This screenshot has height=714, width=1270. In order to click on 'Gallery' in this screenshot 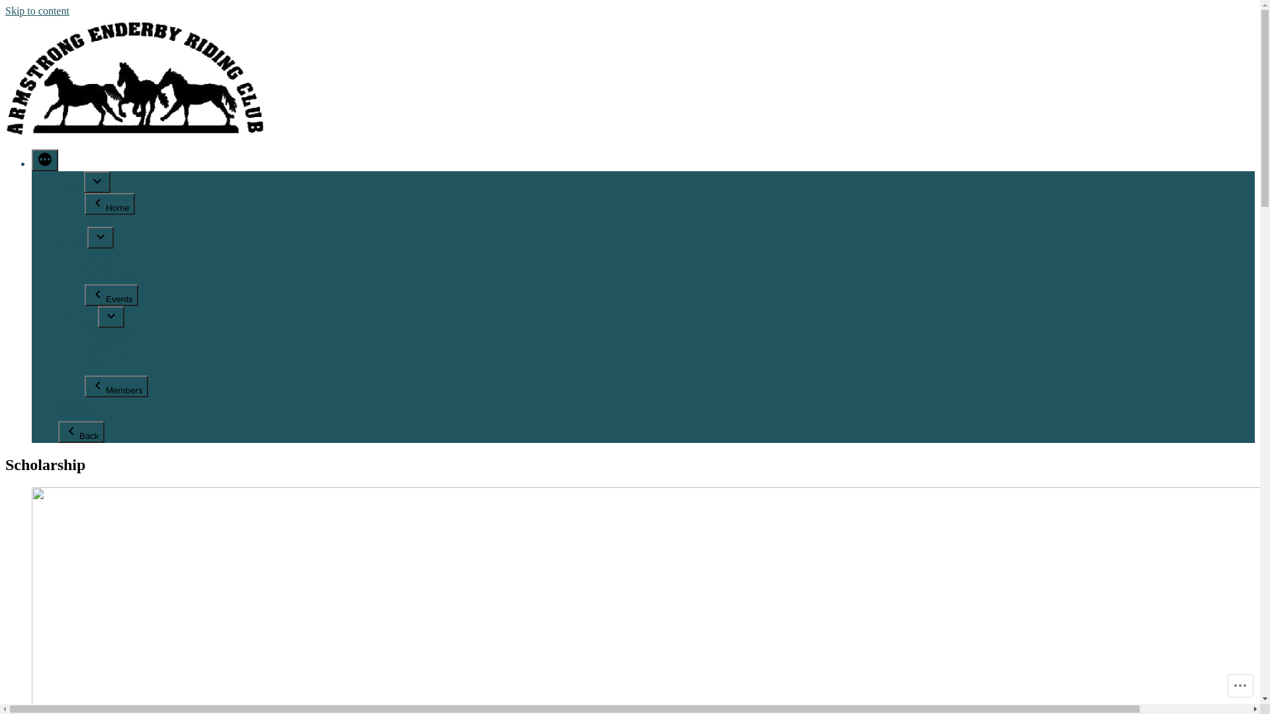, I will do `click(73, 402)`.